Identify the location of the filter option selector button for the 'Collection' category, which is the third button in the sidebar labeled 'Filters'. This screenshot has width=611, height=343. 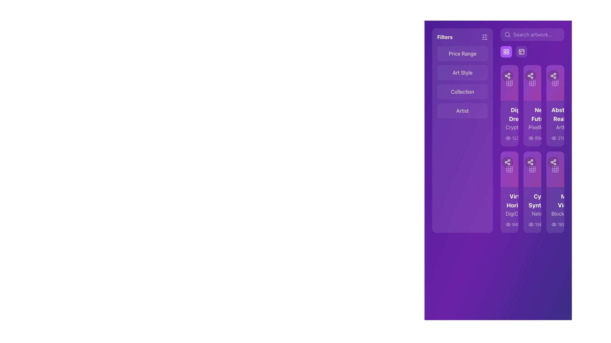
(462, 92).